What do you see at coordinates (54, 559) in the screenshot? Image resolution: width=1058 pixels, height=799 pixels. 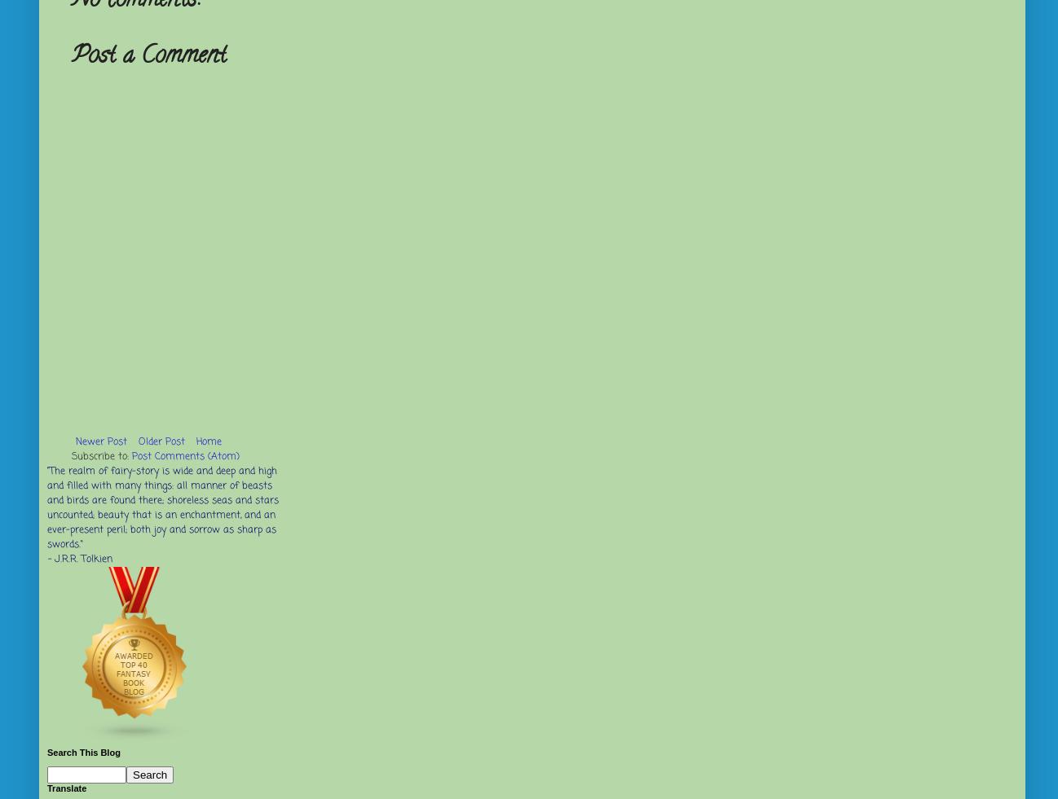 I see `'J.R.R. Tolkien'` at bounding box center [54, 559].